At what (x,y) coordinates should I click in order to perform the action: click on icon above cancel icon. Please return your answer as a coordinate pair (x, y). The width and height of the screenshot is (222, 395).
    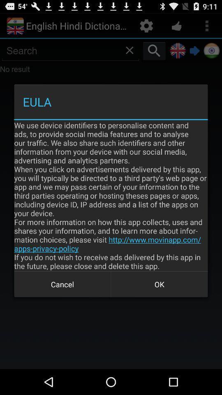
    Looking at the image, I should click on (111, 195).